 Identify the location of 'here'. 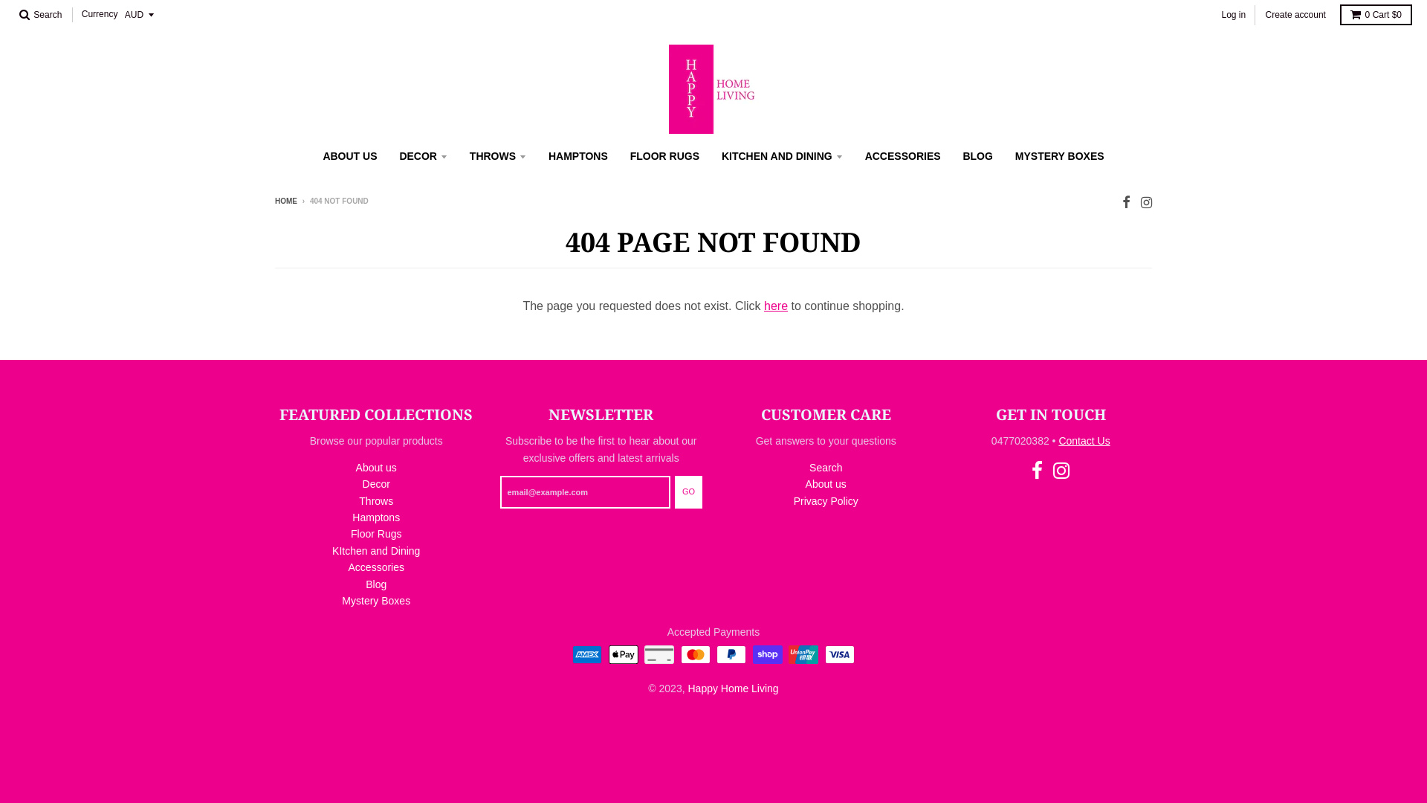
(774, 305).